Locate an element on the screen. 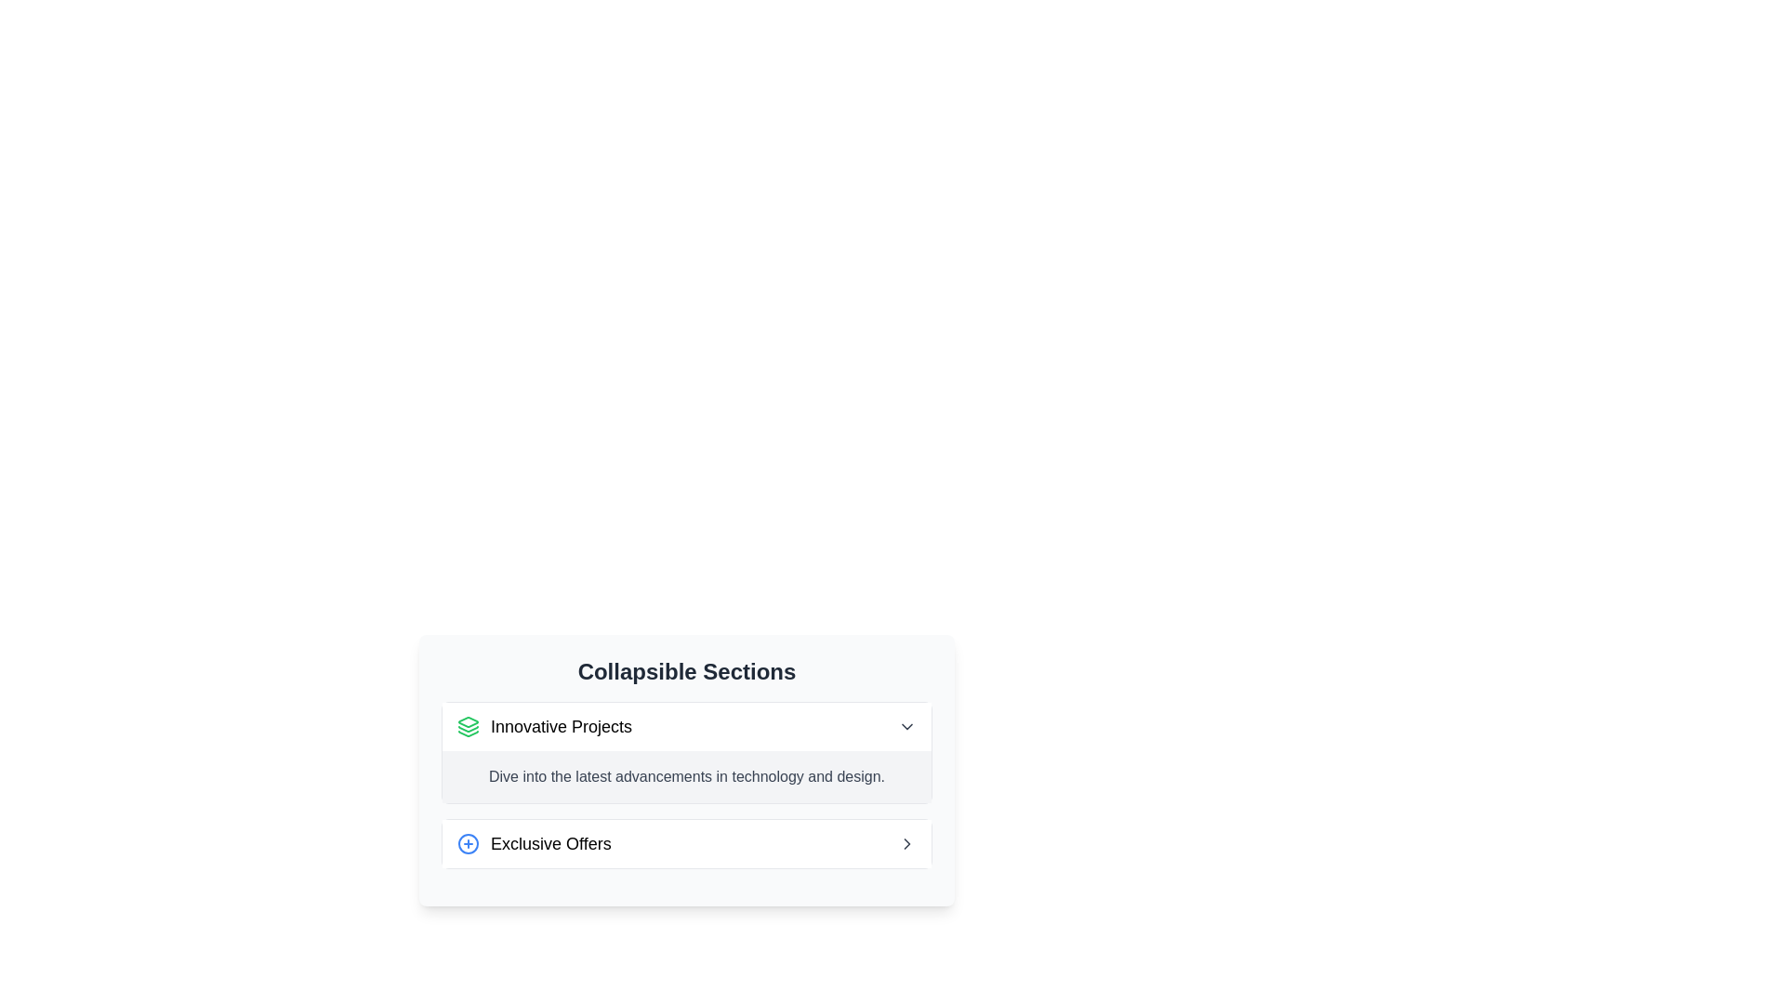  the leftmost icon representing the 'Innovative Projects' section, located at the top of the collapsible card's header is located at coordinates (469, 726).